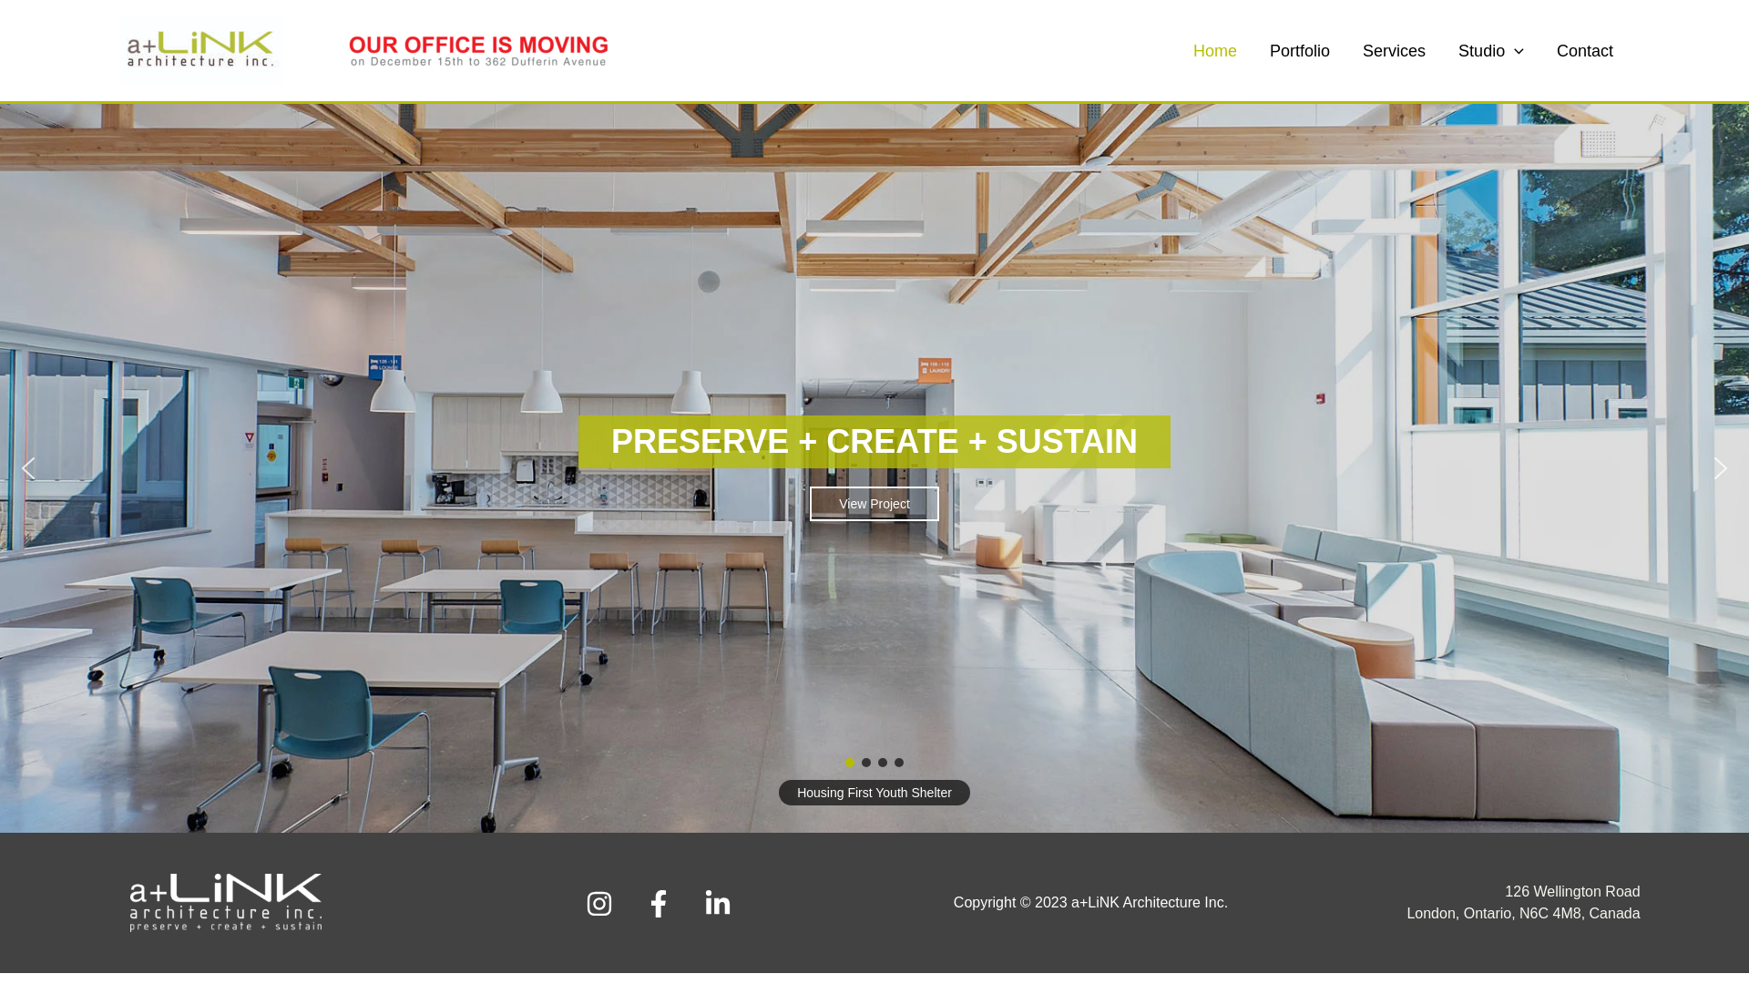 The width and height of the screenshot is (1749, 984). Describe the element at coordinates (1583, 48) in the screenshot. I see `'Contact'` at that location.